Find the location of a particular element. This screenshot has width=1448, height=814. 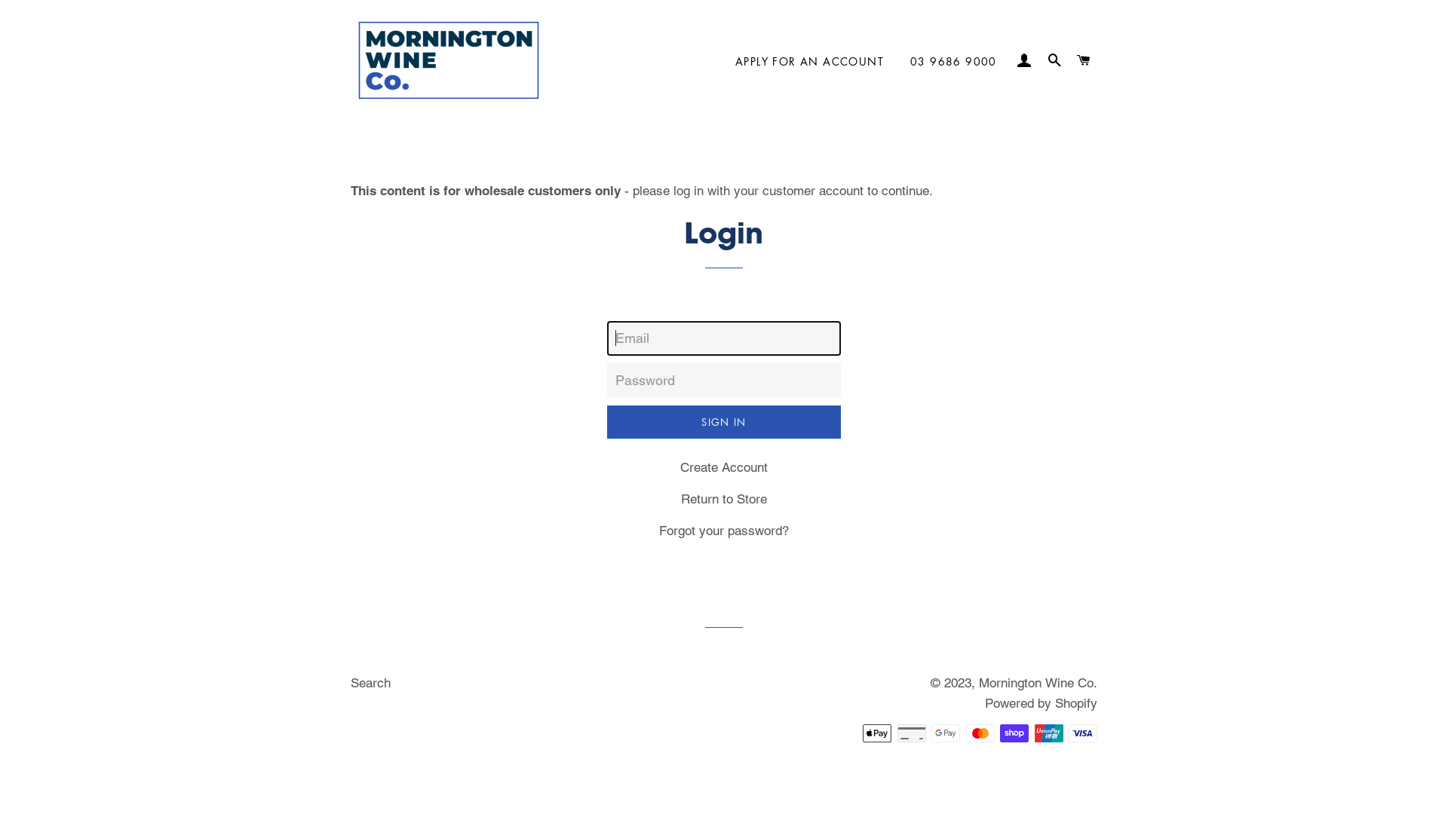

'03 9686 9000' is located at coordinates (953, 60).